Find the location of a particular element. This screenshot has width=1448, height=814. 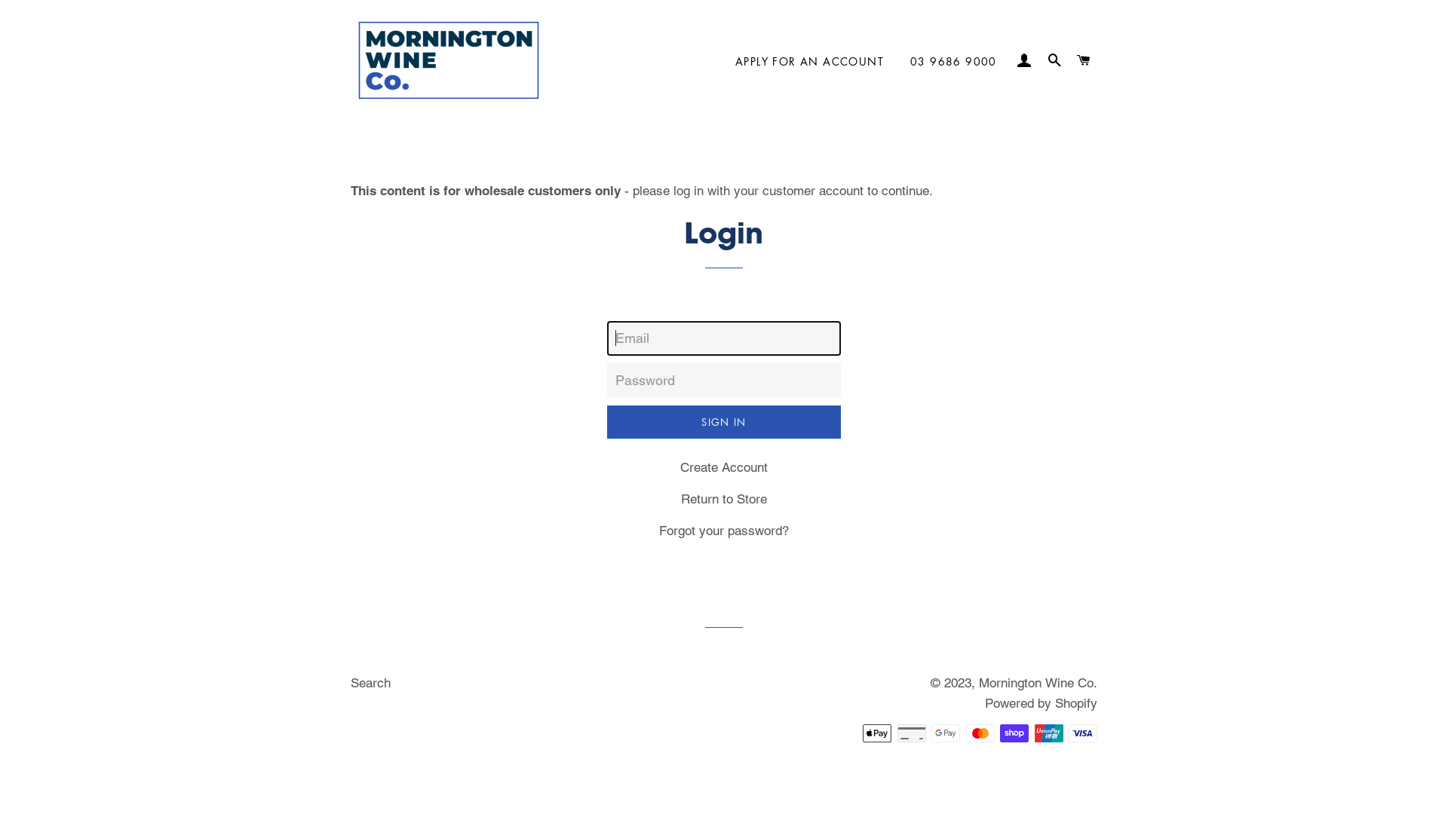

'03 9686 9000' is located at coordinates (953, 60).